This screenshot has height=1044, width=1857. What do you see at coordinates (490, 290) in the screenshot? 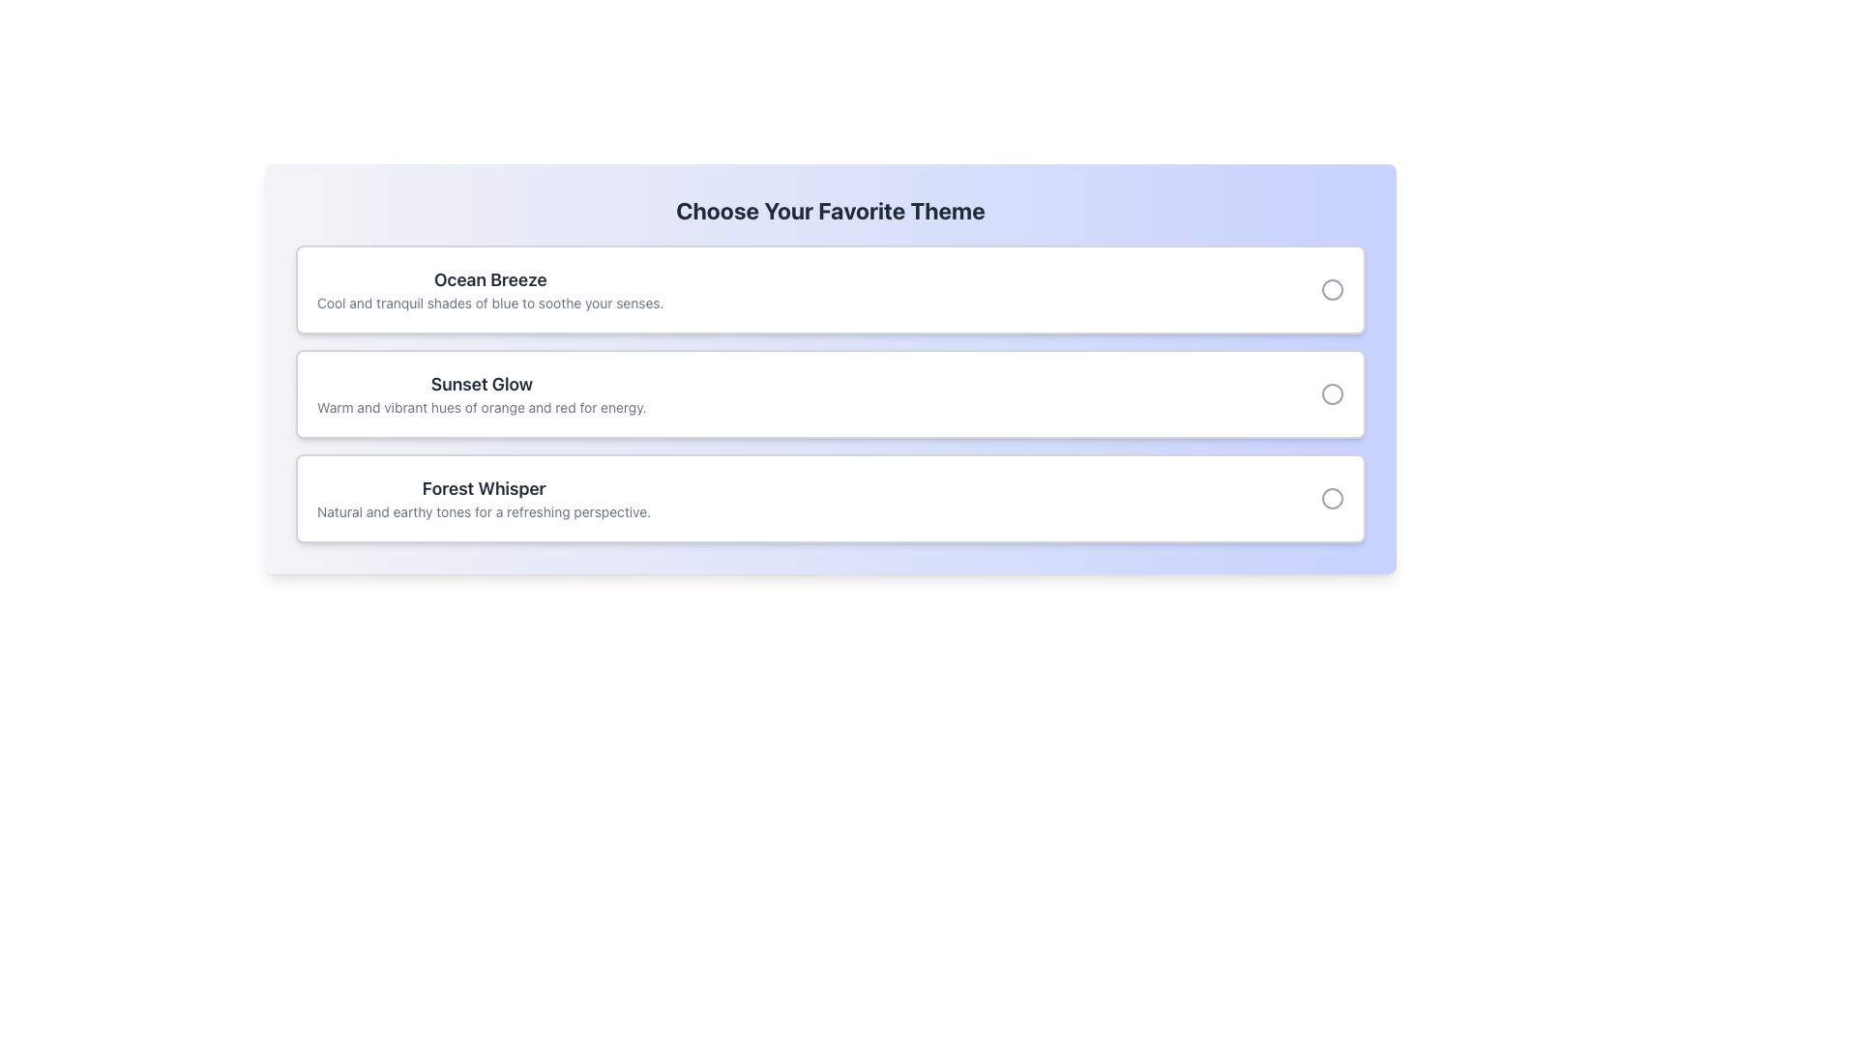
I see `textual content of the descriptive block of text representing the 'Ocean Breeze' theme option, which is located at the top of the vertically aligned list of options within an interactive card element` at bounding box center [490, 290].